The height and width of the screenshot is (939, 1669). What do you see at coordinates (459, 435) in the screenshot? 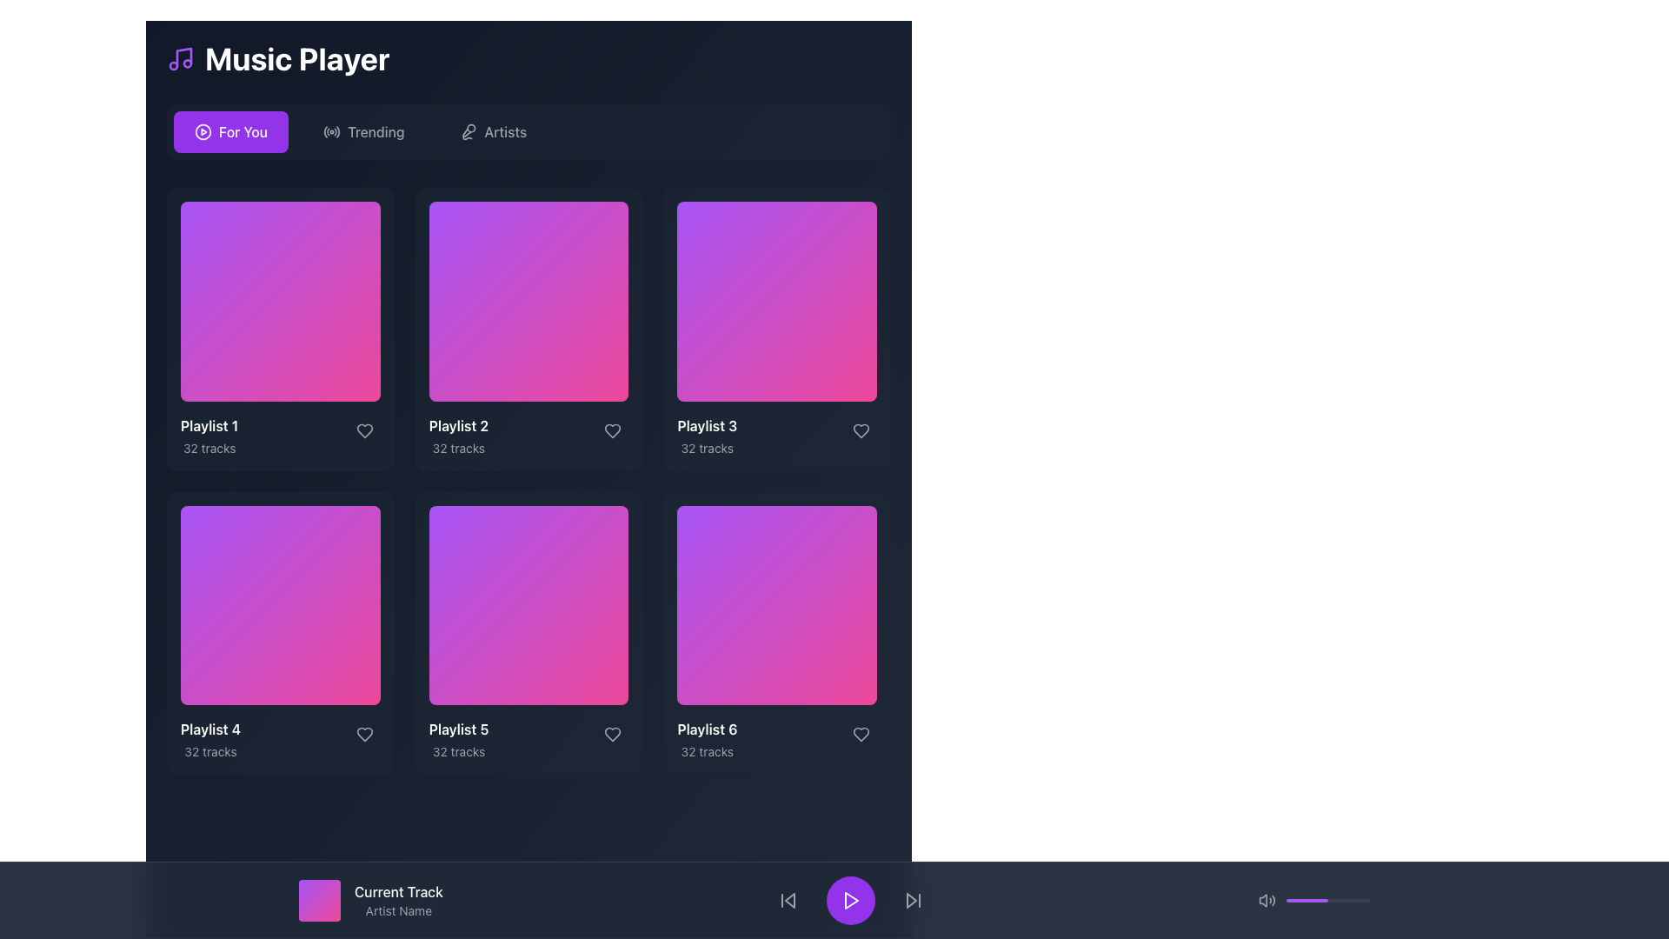
I see `the Text component that displays the title and number of tracks of the second playlist card in the grid layout` at bounding box center [459, 435].